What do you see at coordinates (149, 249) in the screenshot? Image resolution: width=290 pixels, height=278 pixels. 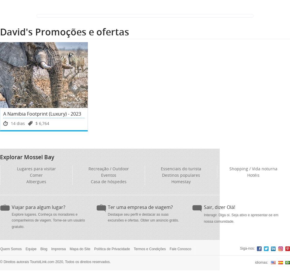 I see `'Termos e Condições'` at bounding box center [149, 249].